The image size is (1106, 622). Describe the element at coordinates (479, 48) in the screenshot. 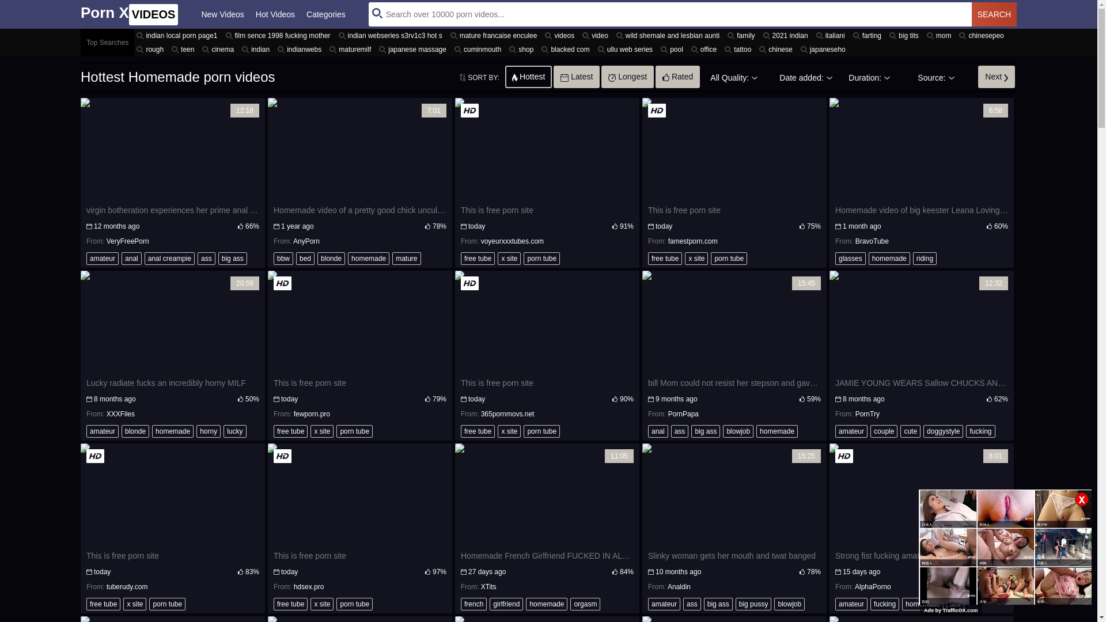

I see `'cuminmouth'` at that location.